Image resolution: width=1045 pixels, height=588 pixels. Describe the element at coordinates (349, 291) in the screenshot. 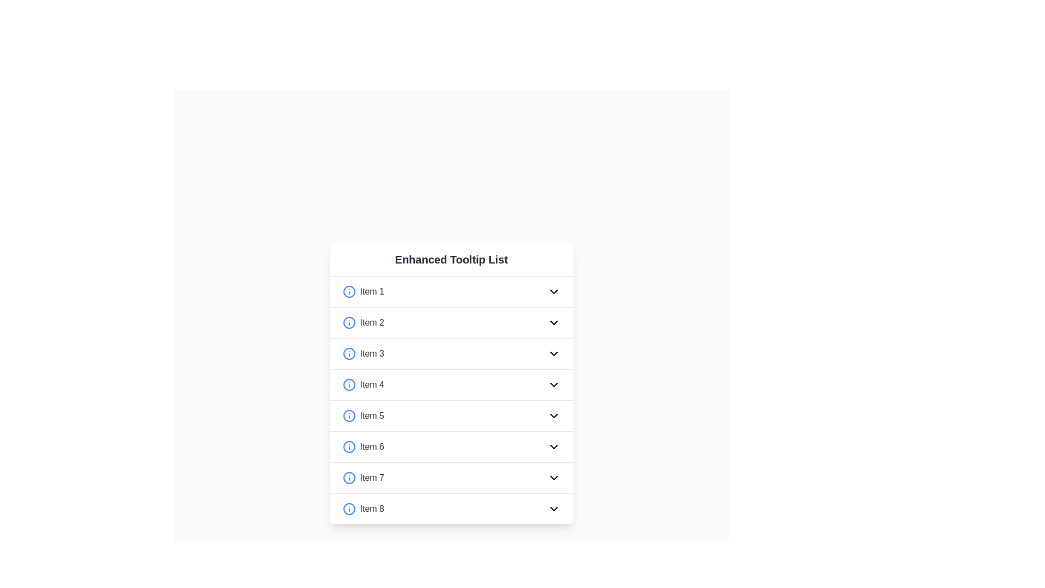

I see `the informational icon located to the left of the text label 'Item 1' in the first row of a vertical list` at that location.